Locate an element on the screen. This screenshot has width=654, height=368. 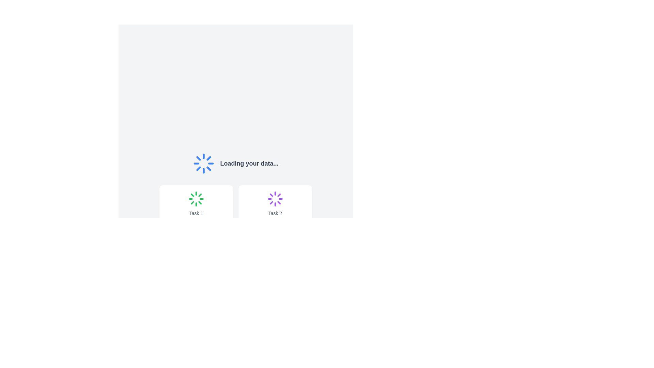
the Loading indicator that displays informational text, which is centrally positioned above the task cards labeled 'Task 1' and 'Task 2' is located at coordinates (235, 163).